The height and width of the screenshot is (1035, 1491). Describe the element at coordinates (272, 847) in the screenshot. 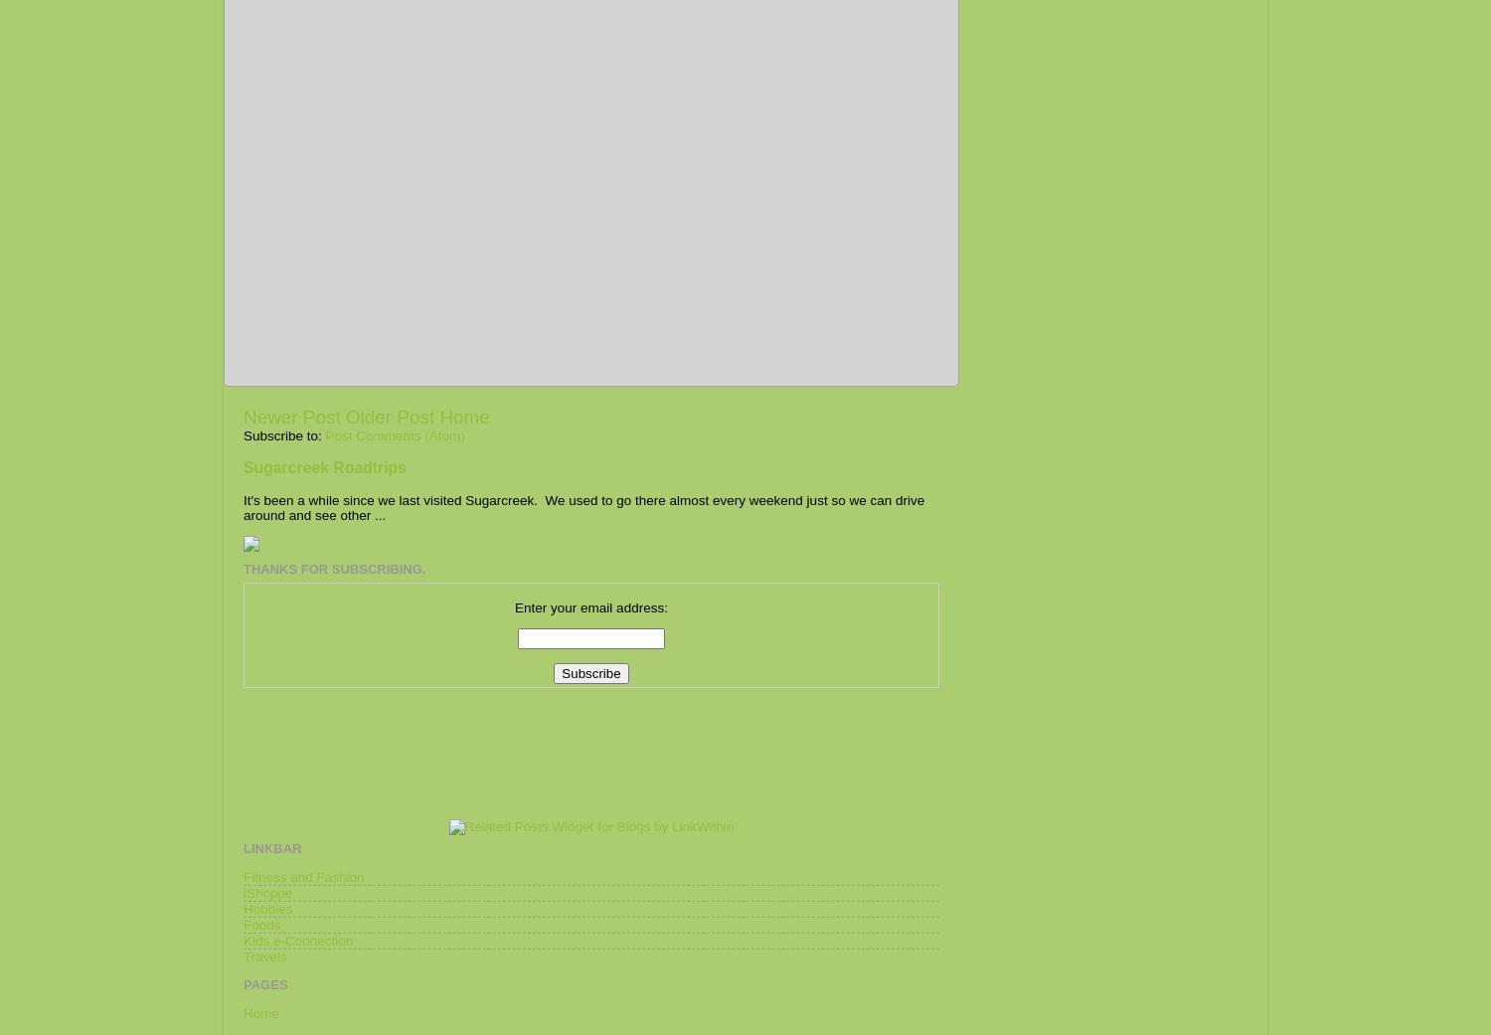

I see `'Linkbar'` at that location.